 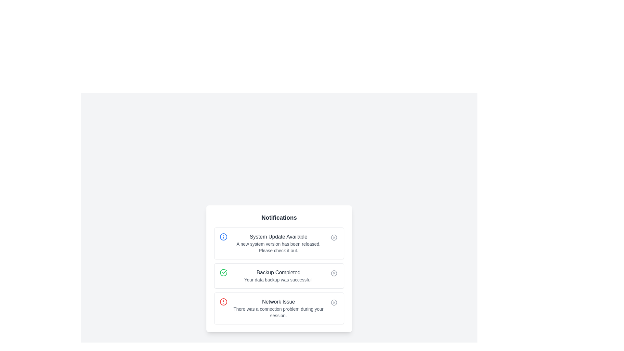 What do you see at coordinates (279, 308) in the screenshot?
I see `the informational text block located in the third notification card from the top of the notification panel` at bounding box center [279, 308].